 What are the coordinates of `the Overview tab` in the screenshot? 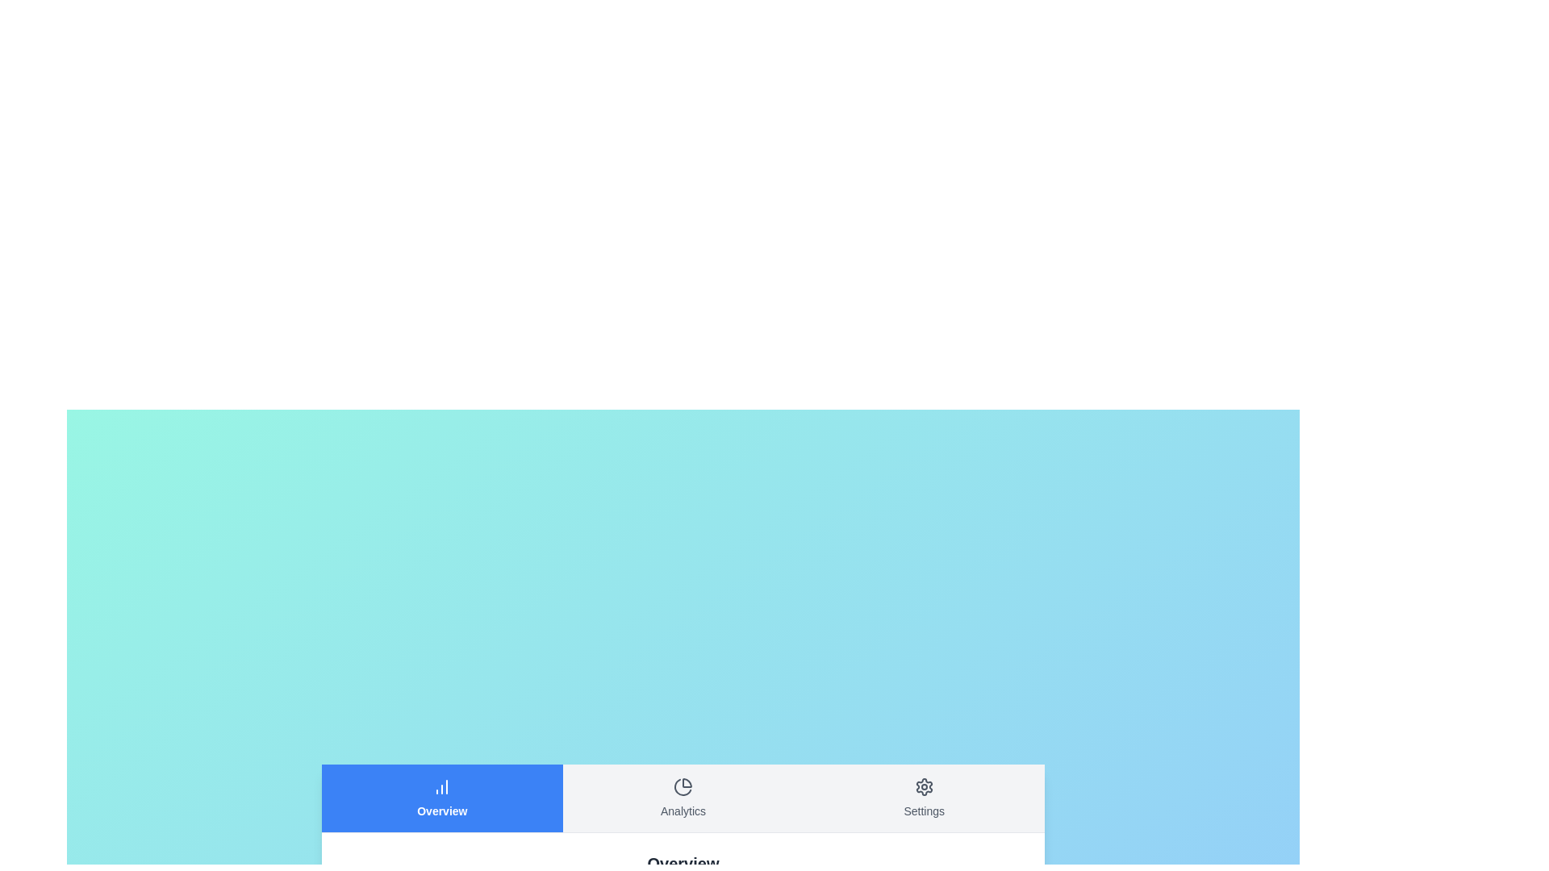 It's located at (442, 797).